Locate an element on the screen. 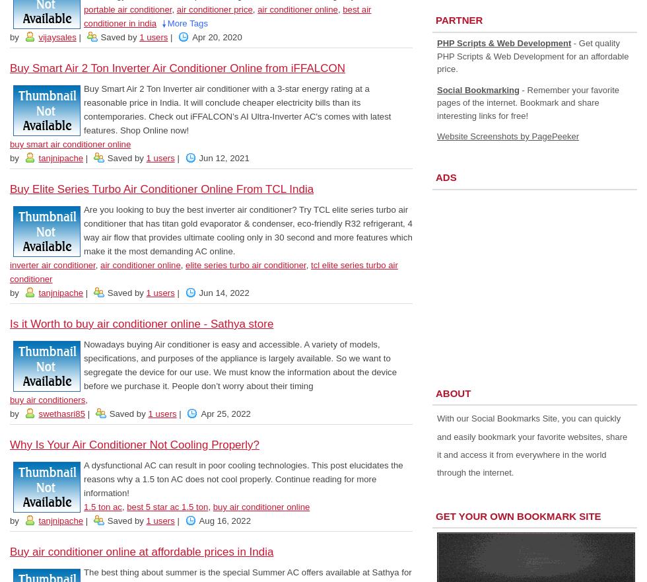 The width and height of the screenshot is (647, 582). 'Buy air conditioner online at affordable prices in India' is located at coordinates (141, 551).